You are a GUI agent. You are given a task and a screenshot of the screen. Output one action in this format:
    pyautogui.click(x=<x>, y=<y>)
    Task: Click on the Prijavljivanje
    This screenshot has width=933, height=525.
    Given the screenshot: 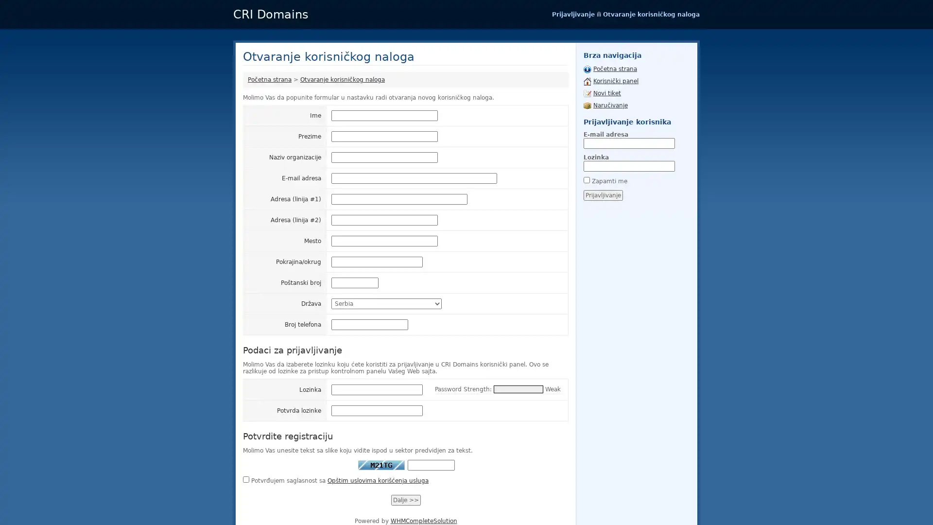 What is the action you would take?
    pyautogui.click(x=603, y=195)
    